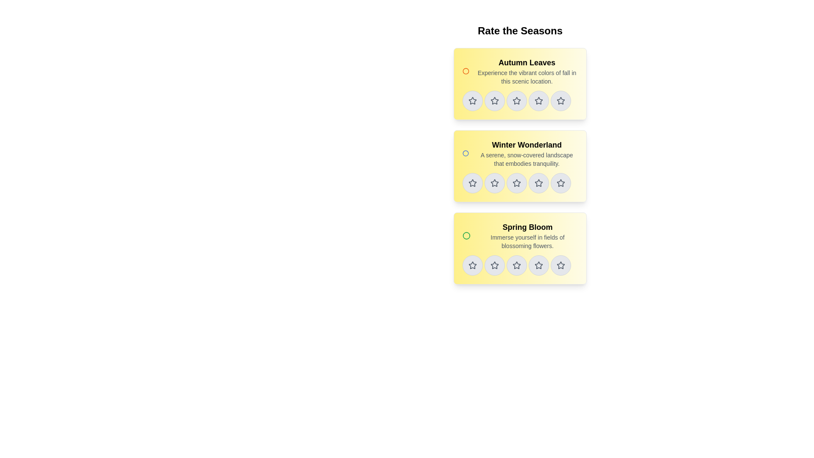 This screenshot has height=458, width=814. What do you see at coordinates (538, 182) in the screenshot?
I see `the fourth star in the star rating control under the 'Winter Wonderland' label` at bounding box center [538, 182].